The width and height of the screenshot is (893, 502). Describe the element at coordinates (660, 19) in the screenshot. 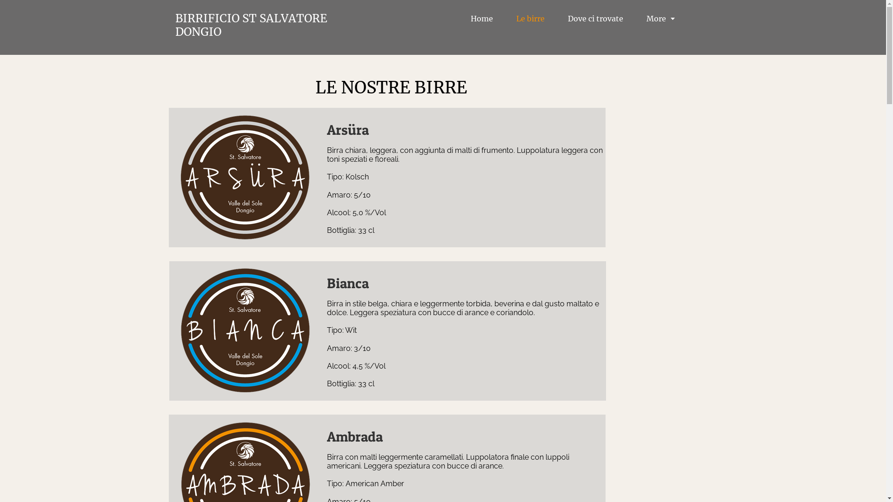

I see `'More'` at that location.